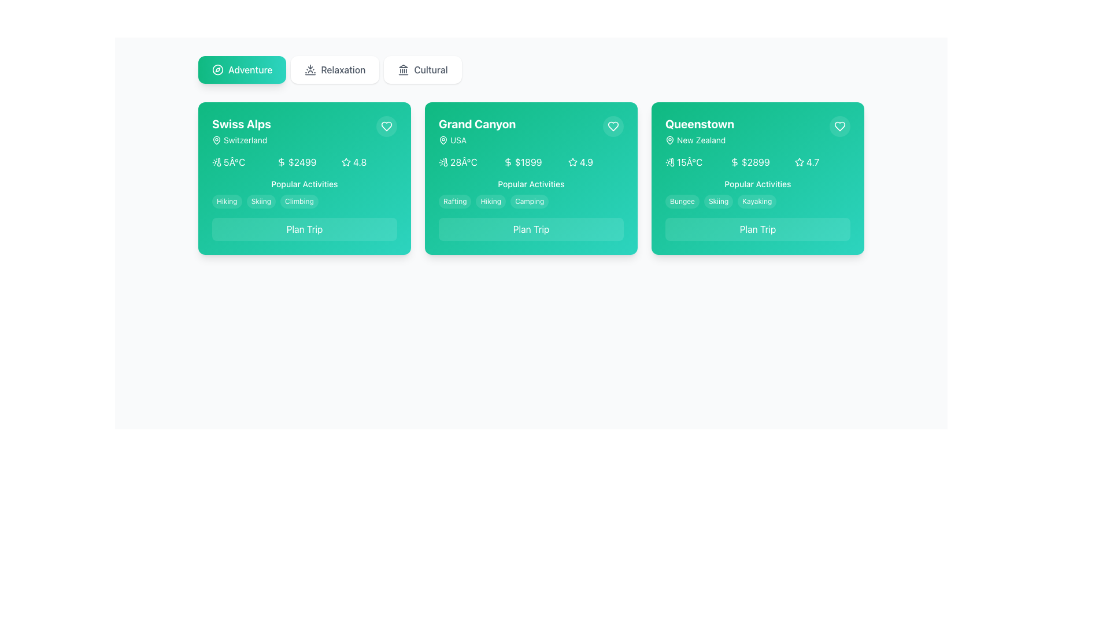 This screenshot has width=1110, height=624. What do you see at coordinates (699, 131) in the screenshot?
I see `text displayed in the text block located in the top-left corner of the third card, which presents the name and location of the featured travel destination` at bounding box center [699, 131].